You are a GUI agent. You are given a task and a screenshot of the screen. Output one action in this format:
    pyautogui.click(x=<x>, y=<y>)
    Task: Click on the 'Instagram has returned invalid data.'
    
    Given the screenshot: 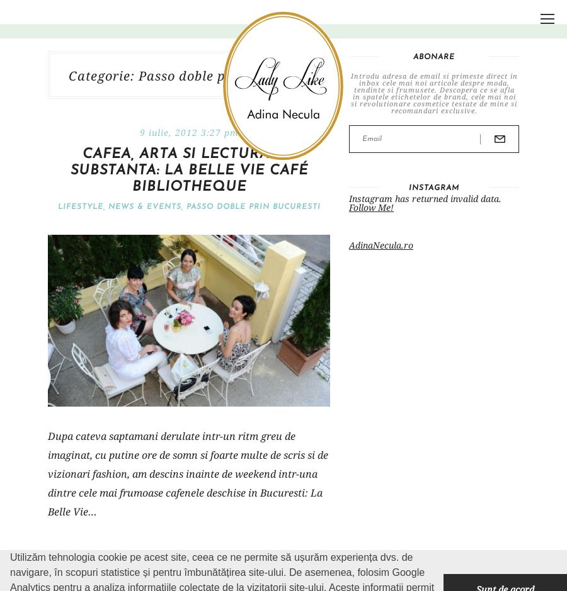 What is the action you would take?
    pyautogui.click(x=425, y=198)
    